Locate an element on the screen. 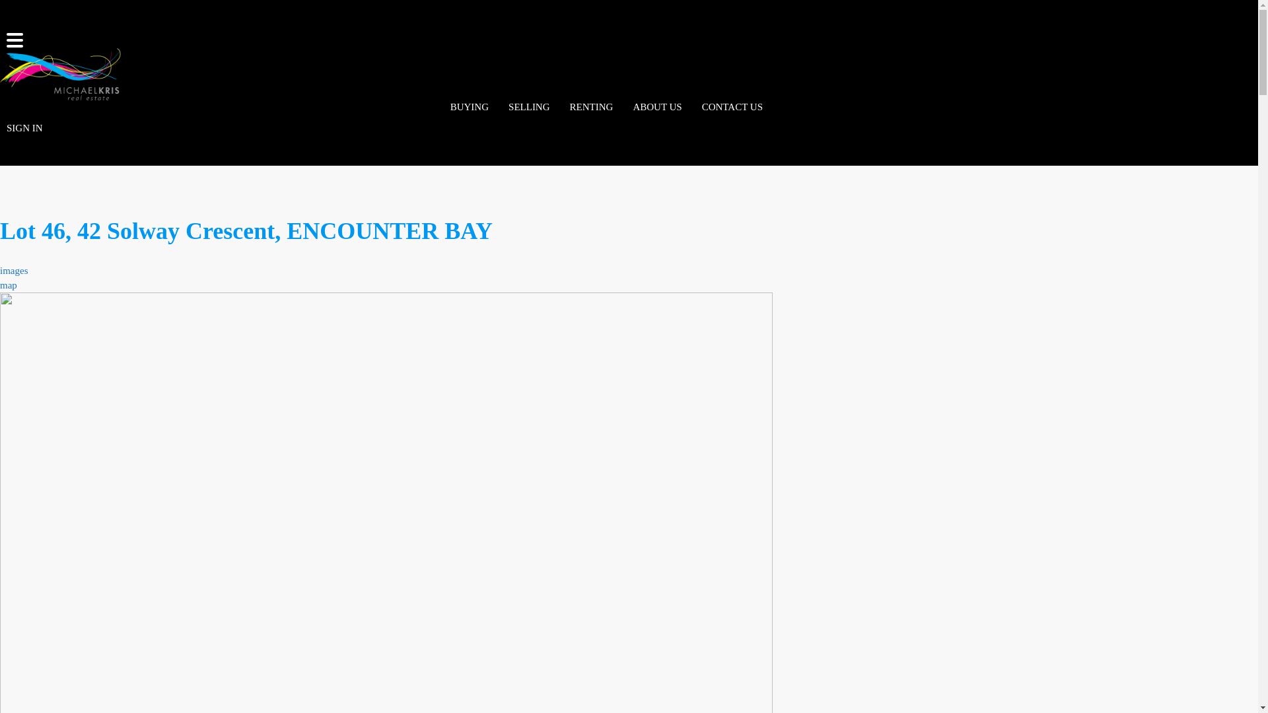  'RENTING' is located at coordinates (591, 106).